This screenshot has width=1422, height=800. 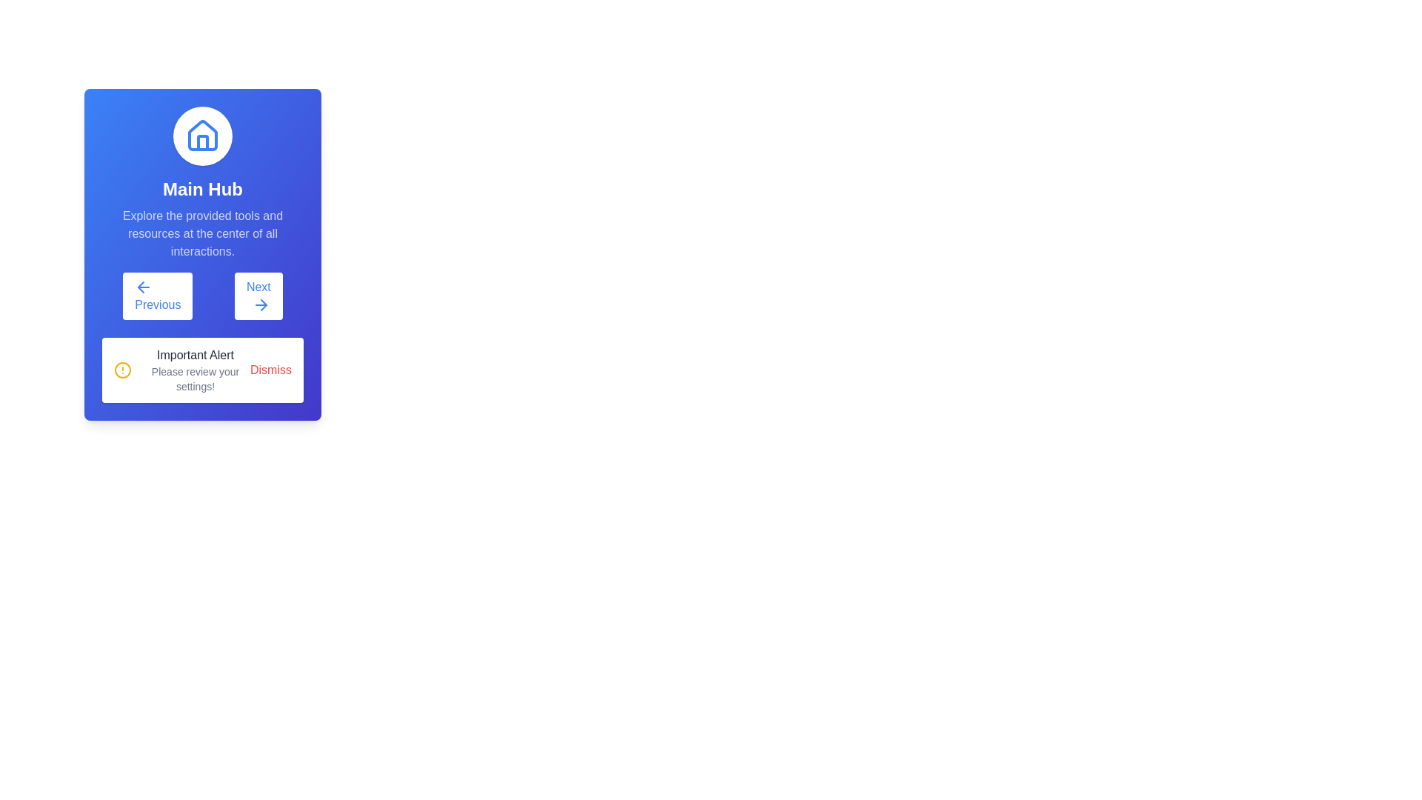 What do you see at coordinates (201, 188) in the screenshot?
I see `the 'Main Hub' label, which is a prominent white bold text located centrally below the house icon and above the text 'Explore the provided tools and resources at the center of all interactions'` at bounding box center [201, 188].